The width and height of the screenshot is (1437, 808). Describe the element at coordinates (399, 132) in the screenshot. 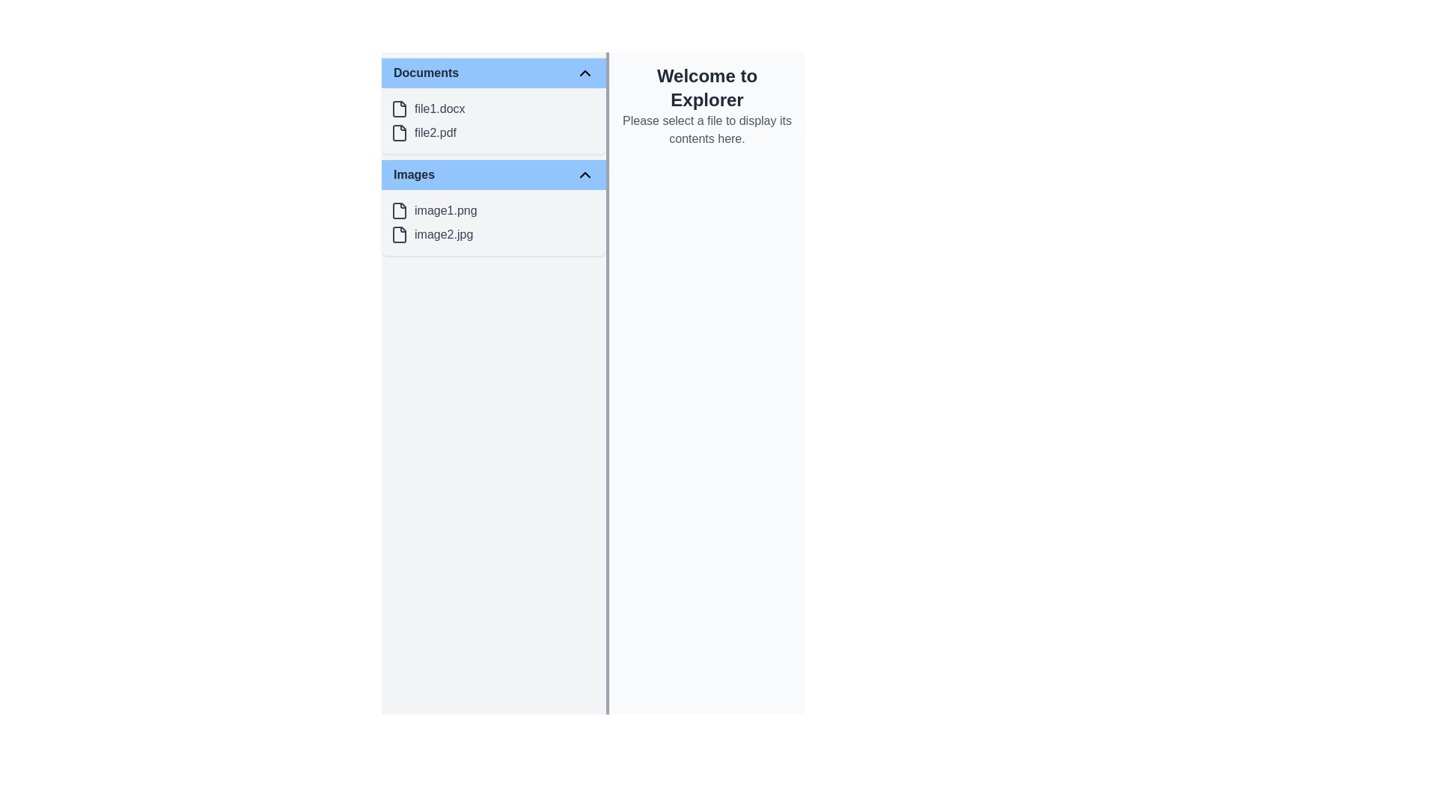

I see `the document-style icon representing 'file2.pdf' in the 'Documents' section of the sidebar interface` at that location.